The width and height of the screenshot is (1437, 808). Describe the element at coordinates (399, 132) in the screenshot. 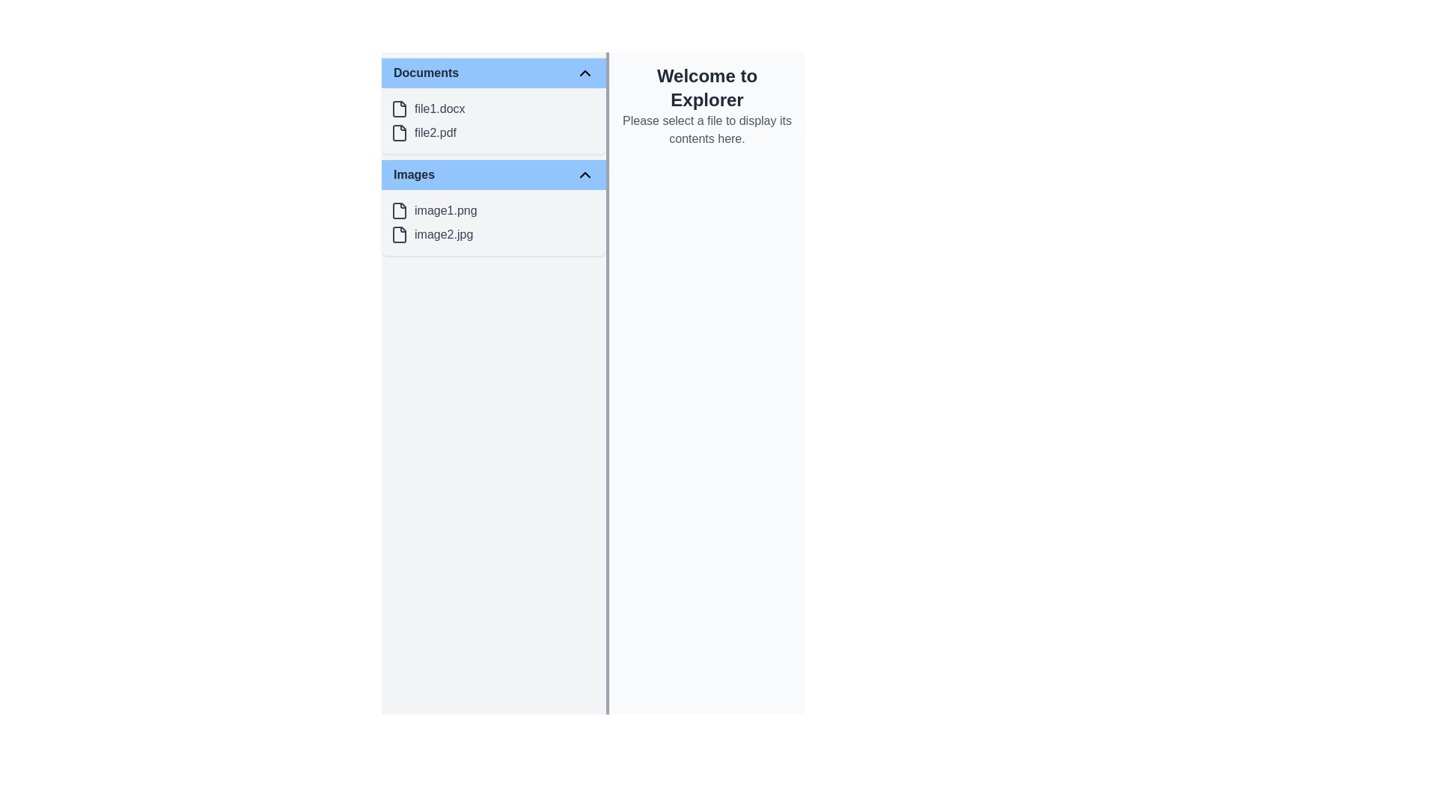

I see `the document-style icon representing 'file2.pdf' in the 'Documents' section of the sidebar interface` at that location.